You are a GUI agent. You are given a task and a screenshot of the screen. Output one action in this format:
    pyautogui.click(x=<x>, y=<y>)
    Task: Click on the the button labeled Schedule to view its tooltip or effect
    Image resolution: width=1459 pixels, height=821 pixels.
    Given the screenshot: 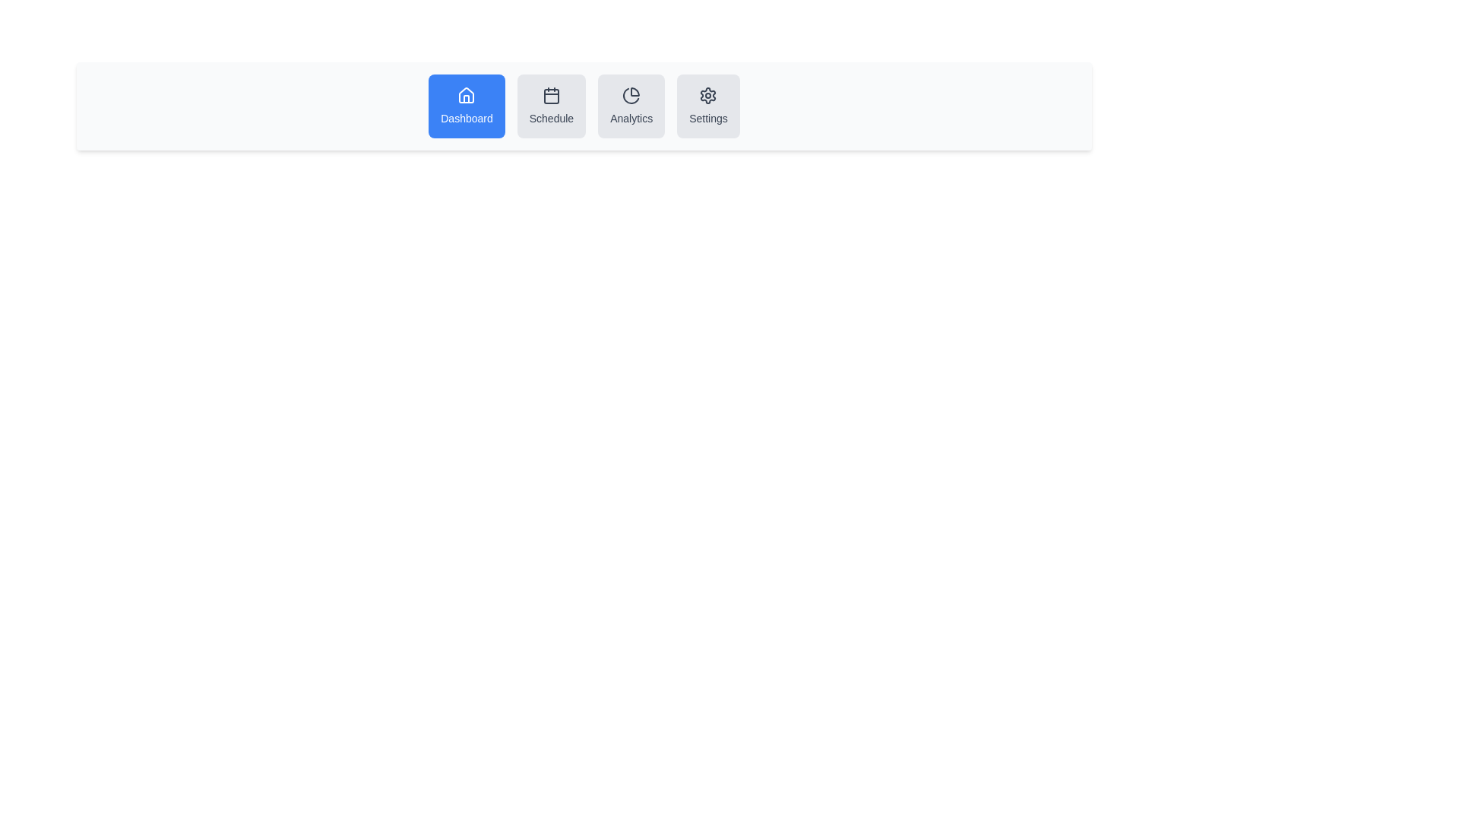 What is the action you would take?
    pyautogui.click(x=549, y=105)
    